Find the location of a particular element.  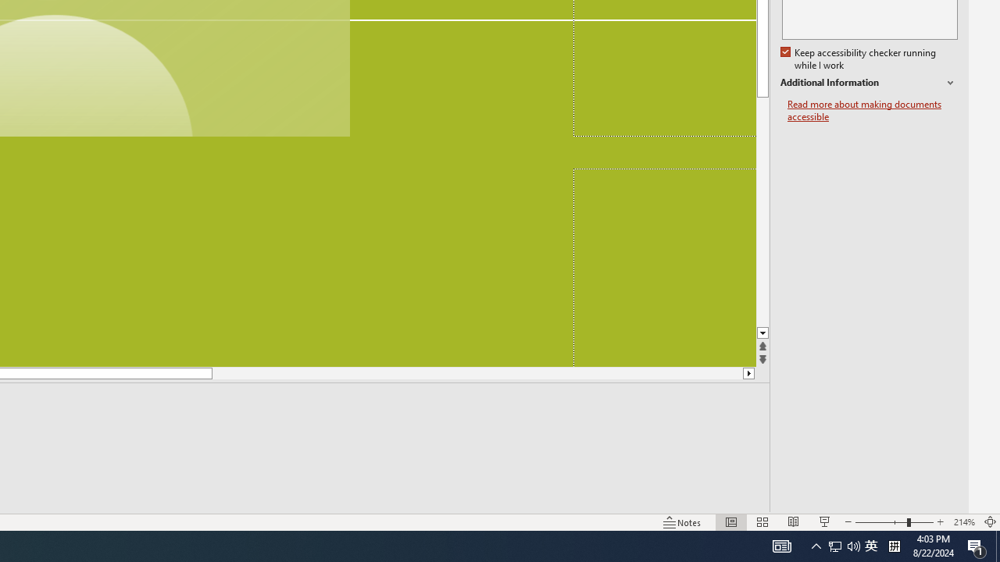

'Read more about making documents accessible' is located at coordinates (872, 110).